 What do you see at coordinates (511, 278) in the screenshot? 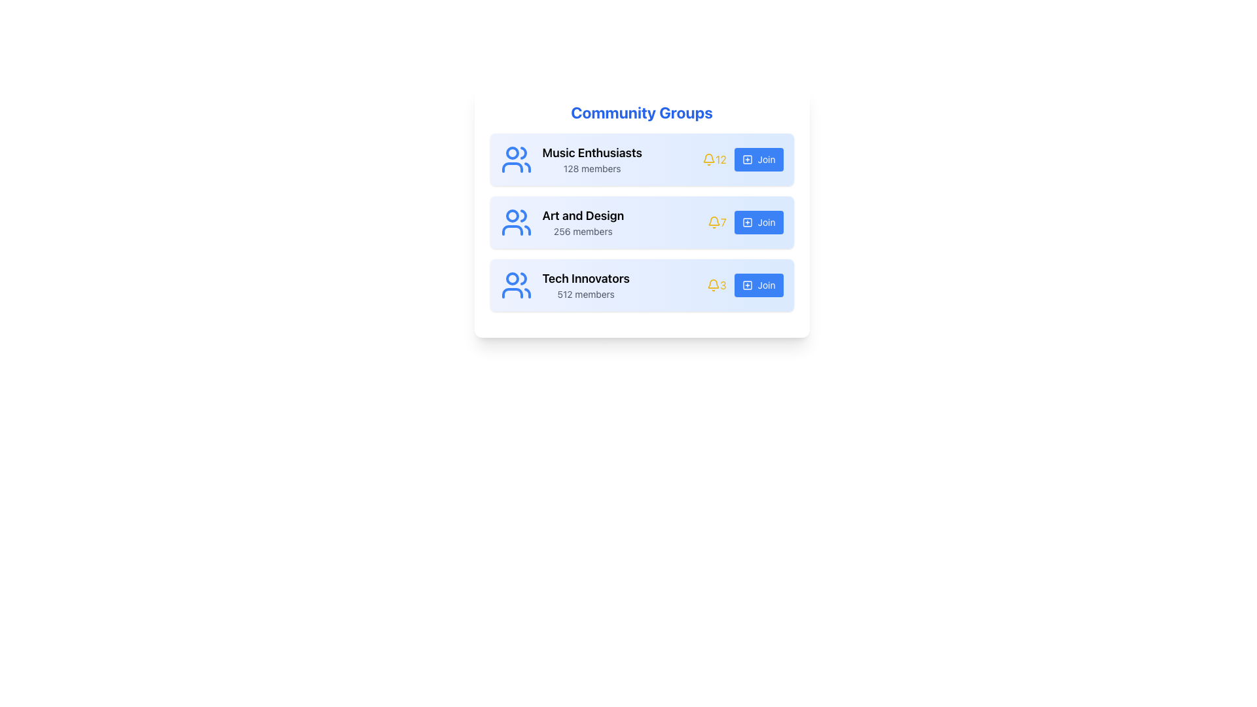
I see `the small circular feature within the 'Community Groups' icon that is positioned to the left of the 'Music Enthusiasts' text` at bounding box center [511, 278].